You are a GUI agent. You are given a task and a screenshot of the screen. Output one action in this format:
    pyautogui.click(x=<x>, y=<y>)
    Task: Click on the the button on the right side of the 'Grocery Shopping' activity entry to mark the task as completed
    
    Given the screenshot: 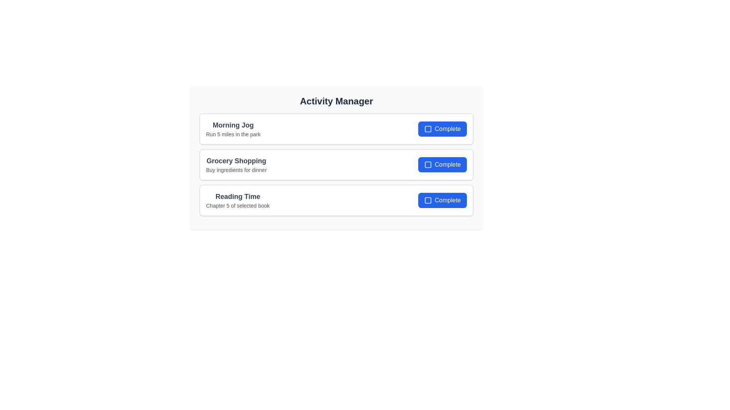 What is the action you would take?
    pyautogui.click(x=442, y=164)
    